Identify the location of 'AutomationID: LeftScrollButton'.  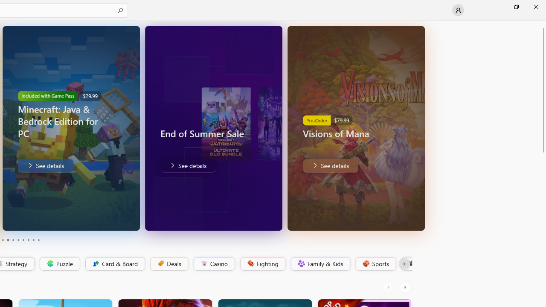
(389, 287).